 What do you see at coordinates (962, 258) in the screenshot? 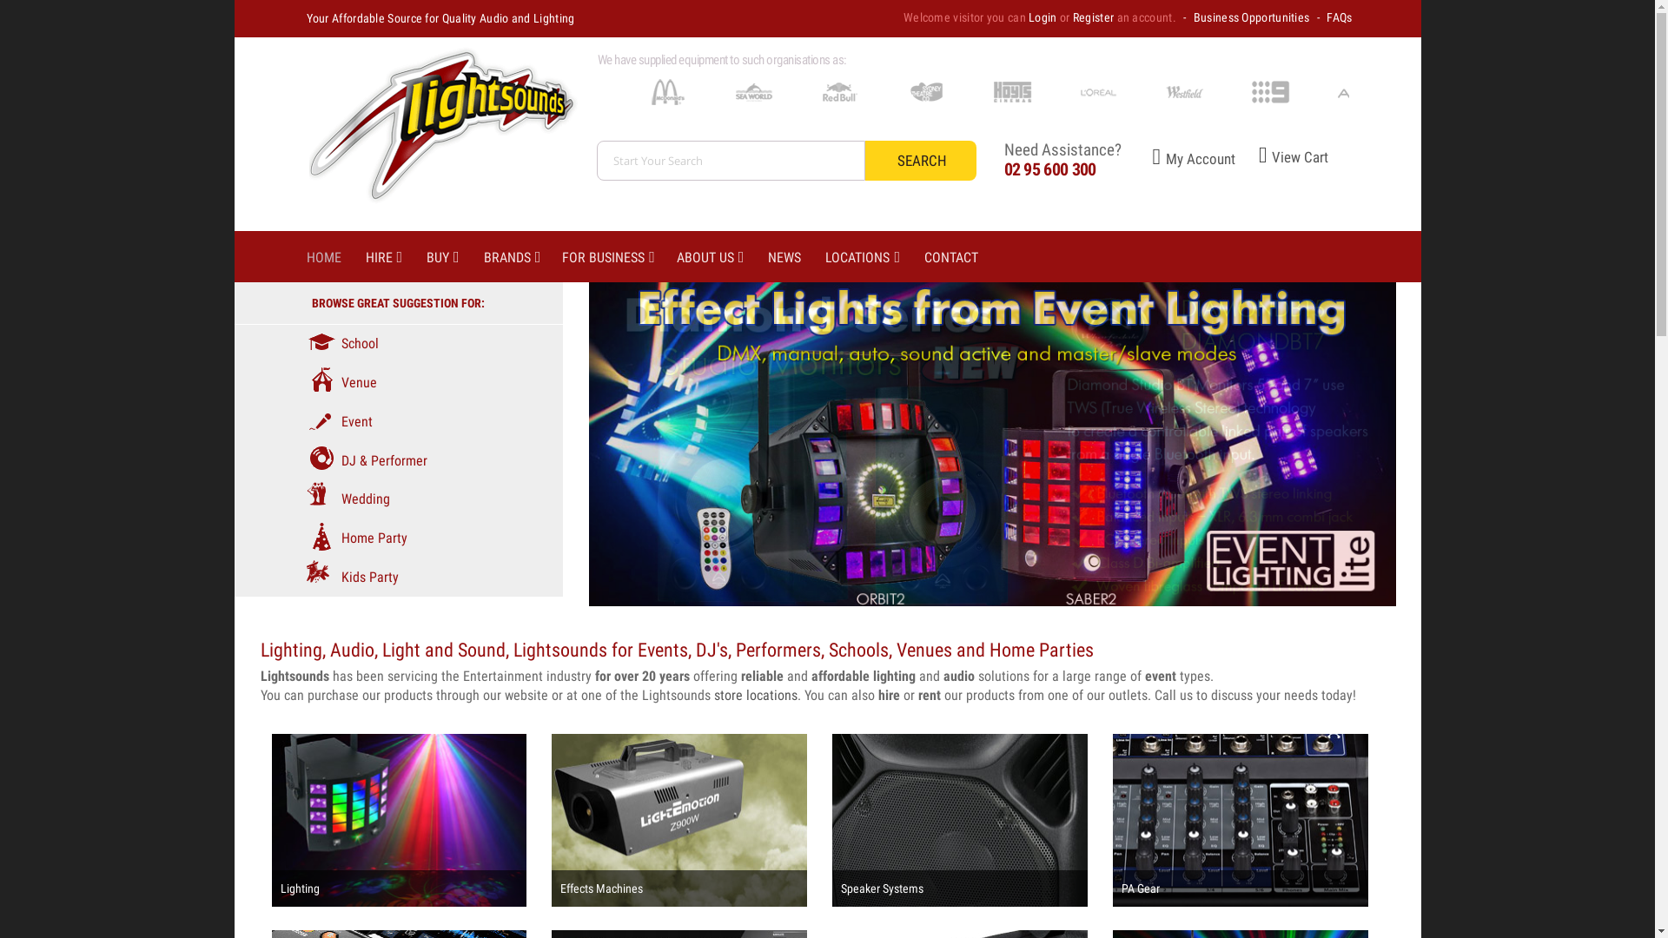
I see `'CONTACT'` at bounding box center [962, 258].